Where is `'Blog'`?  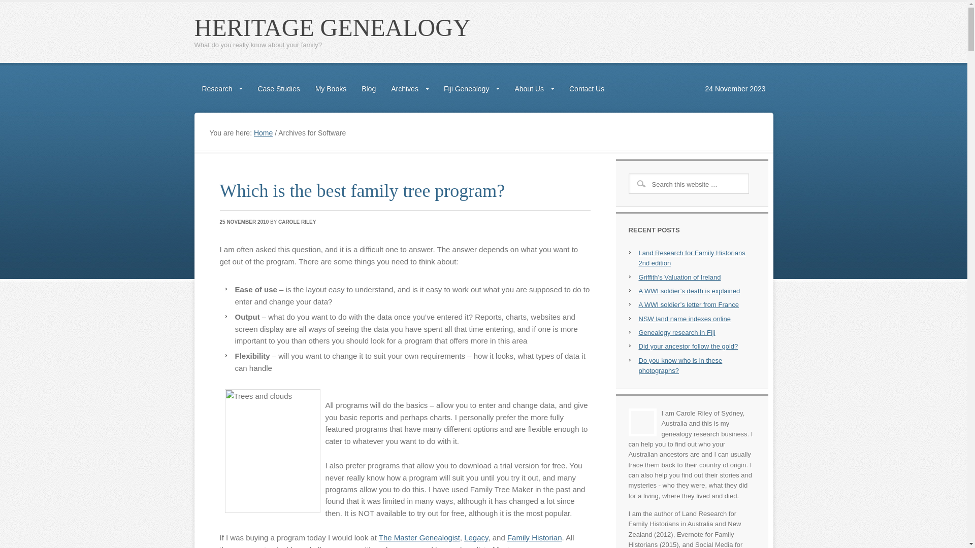
'Blog' is located at coordinates (353, 88).